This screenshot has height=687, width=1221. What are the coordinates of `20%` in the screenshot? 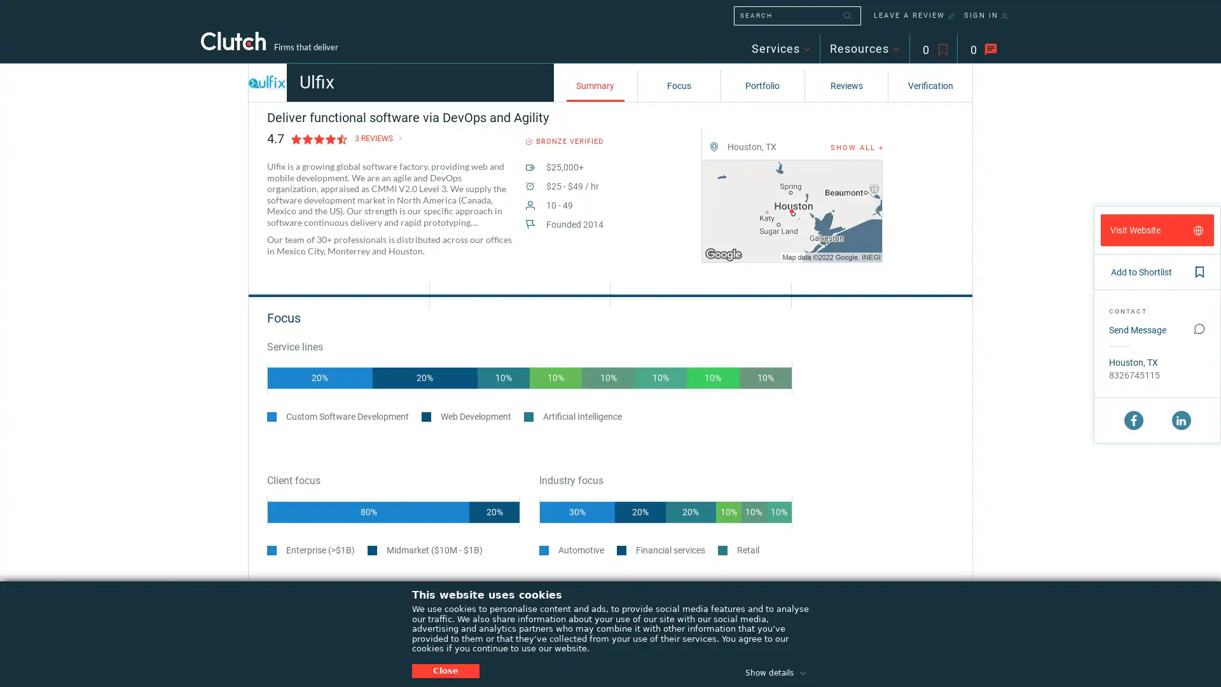 It's located at (563, 639).